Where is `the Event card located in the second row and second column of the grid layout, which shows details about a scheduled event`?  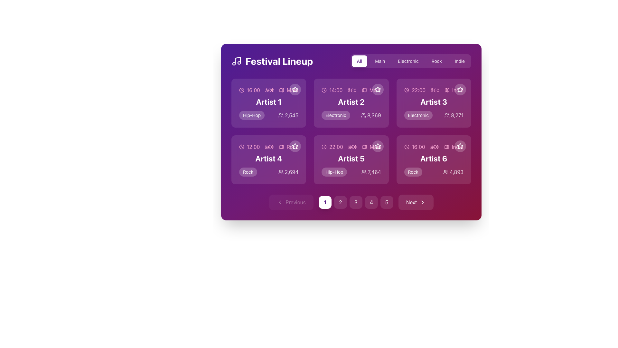 the Event card located in the second row and second column of the grid layout, which shows details about a scheduled event is located at coordinates (351, 159).